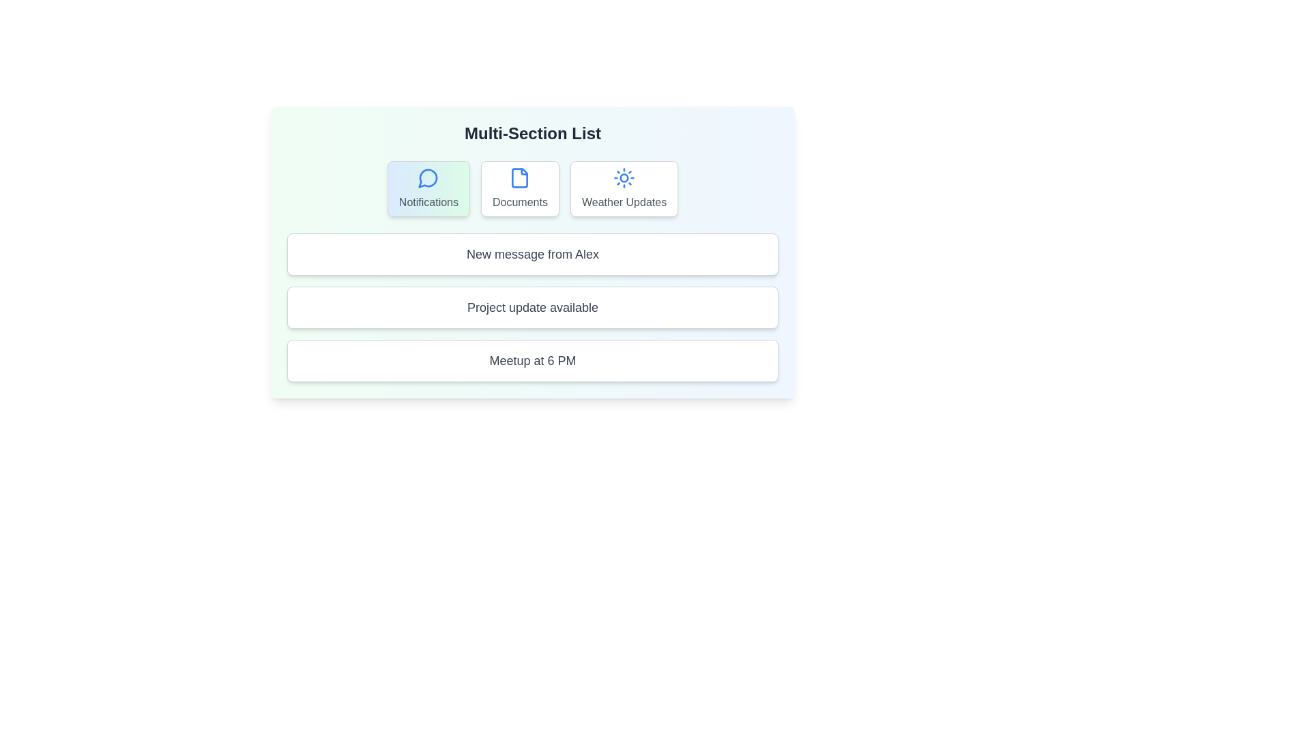 Image resolution: width=1310 pixels, height=737 pixels. Describe the element at coordinates (624, 189) in the screenshot. I see `the Weather Updates section to view its contents` at that location.